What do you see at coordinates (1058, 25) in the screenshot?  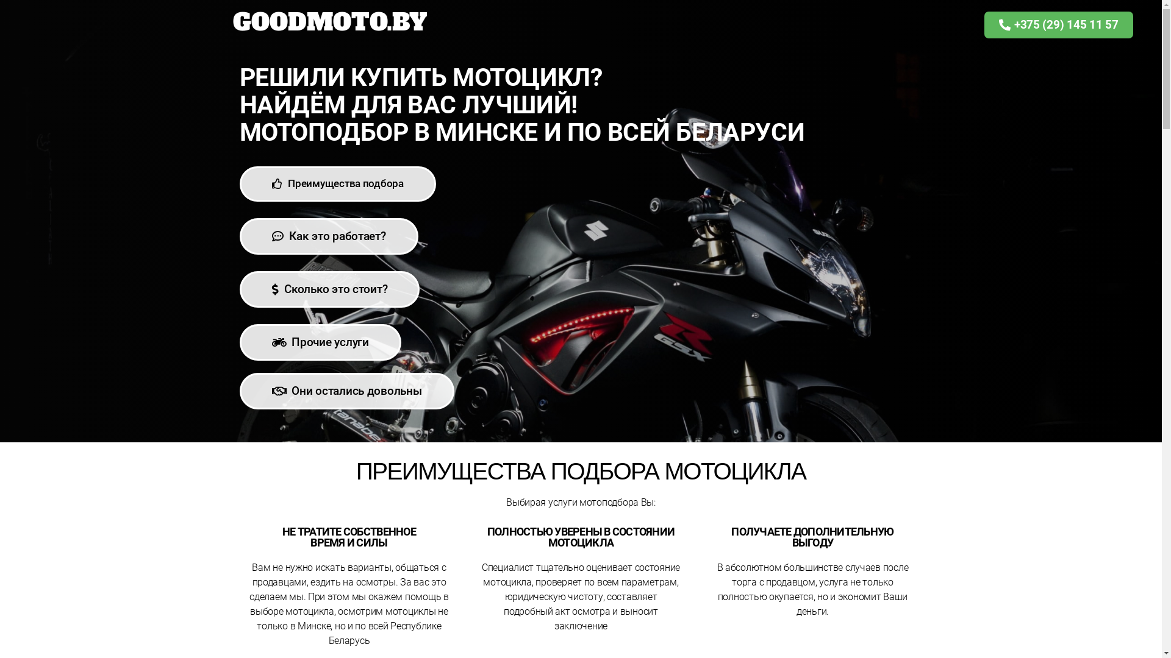 I see `'+375 (29) 145 11 57'` at bounding box center [1058, 25].